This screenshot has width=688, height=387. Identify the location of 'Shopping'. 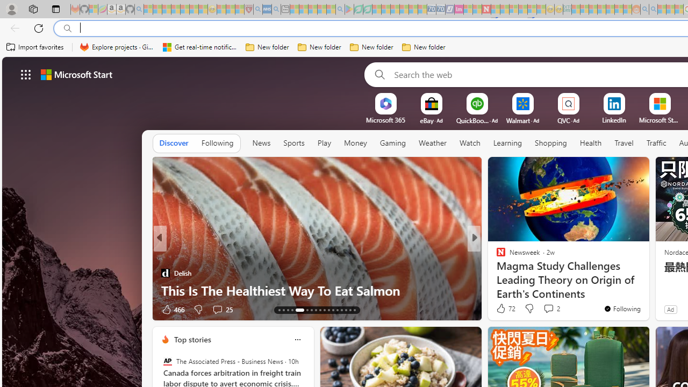
(551, 142).